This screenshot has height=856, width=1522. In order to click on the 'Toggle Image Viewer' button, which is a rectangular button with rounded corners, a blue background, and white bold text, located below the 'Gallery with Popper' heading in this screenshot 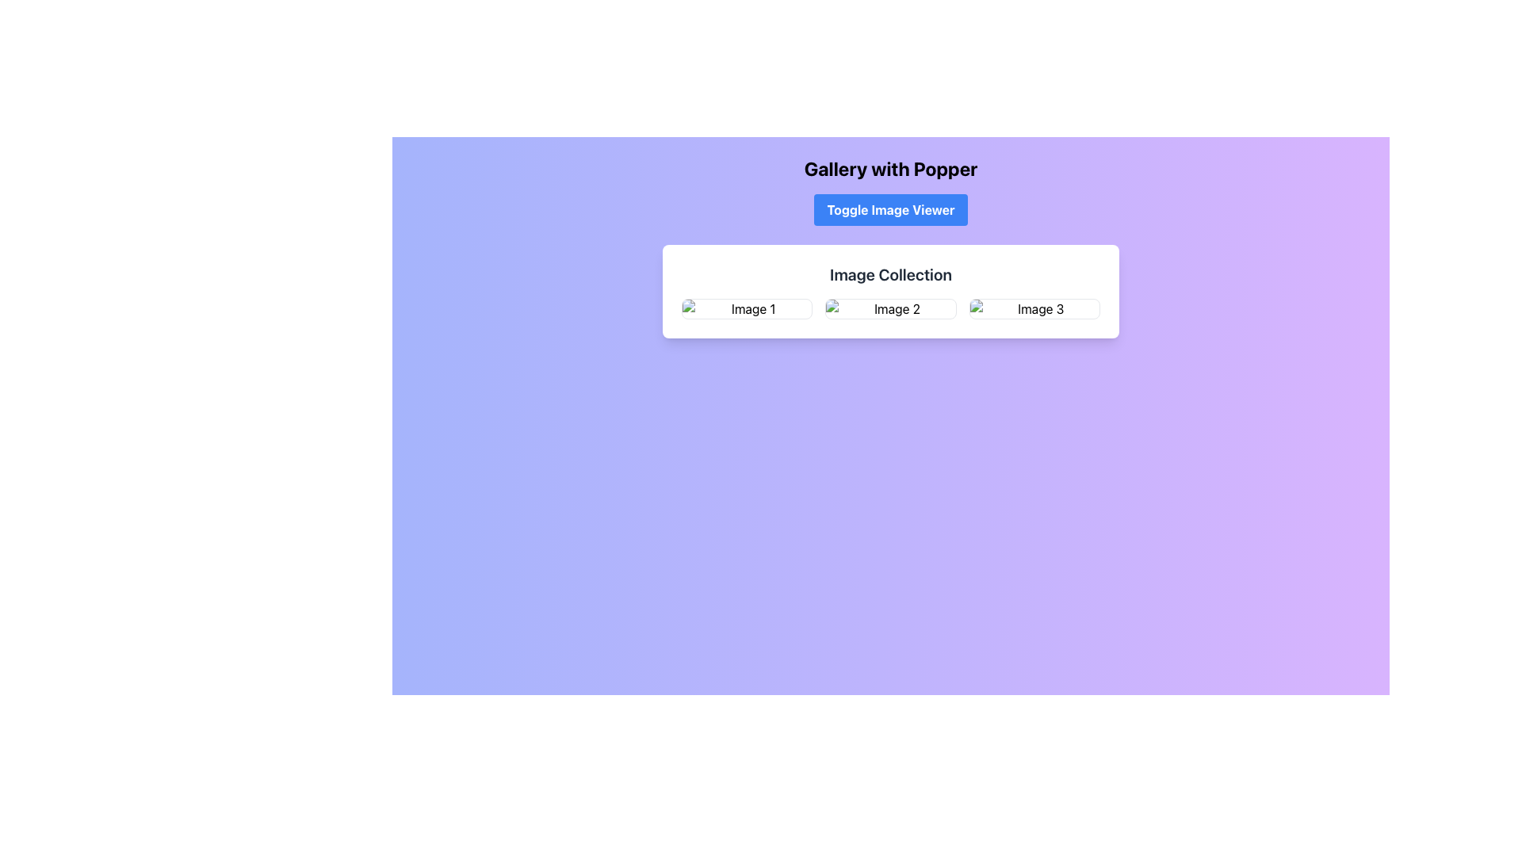, I will do `click(890, 209)`.